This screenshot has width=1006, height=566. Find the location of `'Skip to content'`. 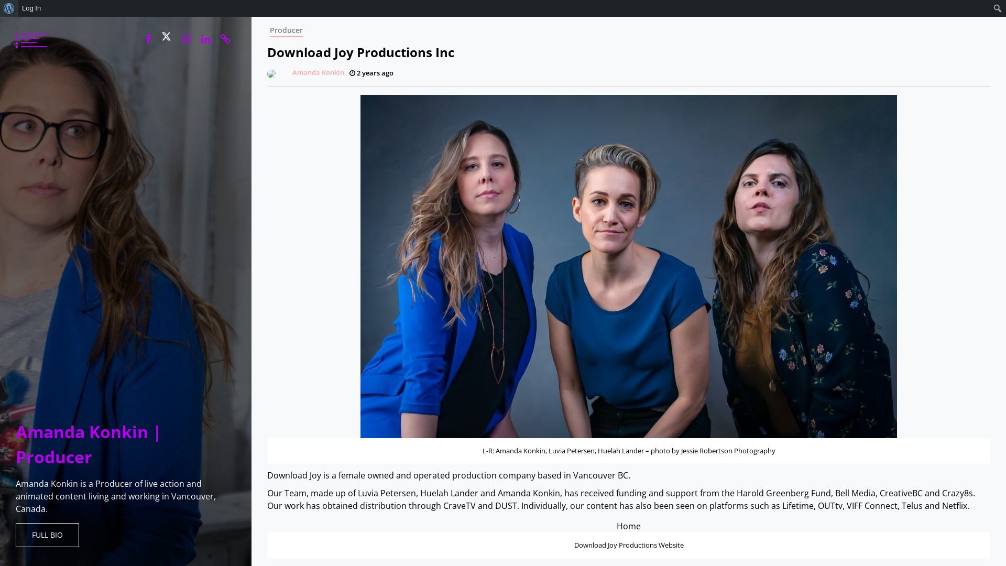

'Skip to content' is located at coordinates (250, 16).